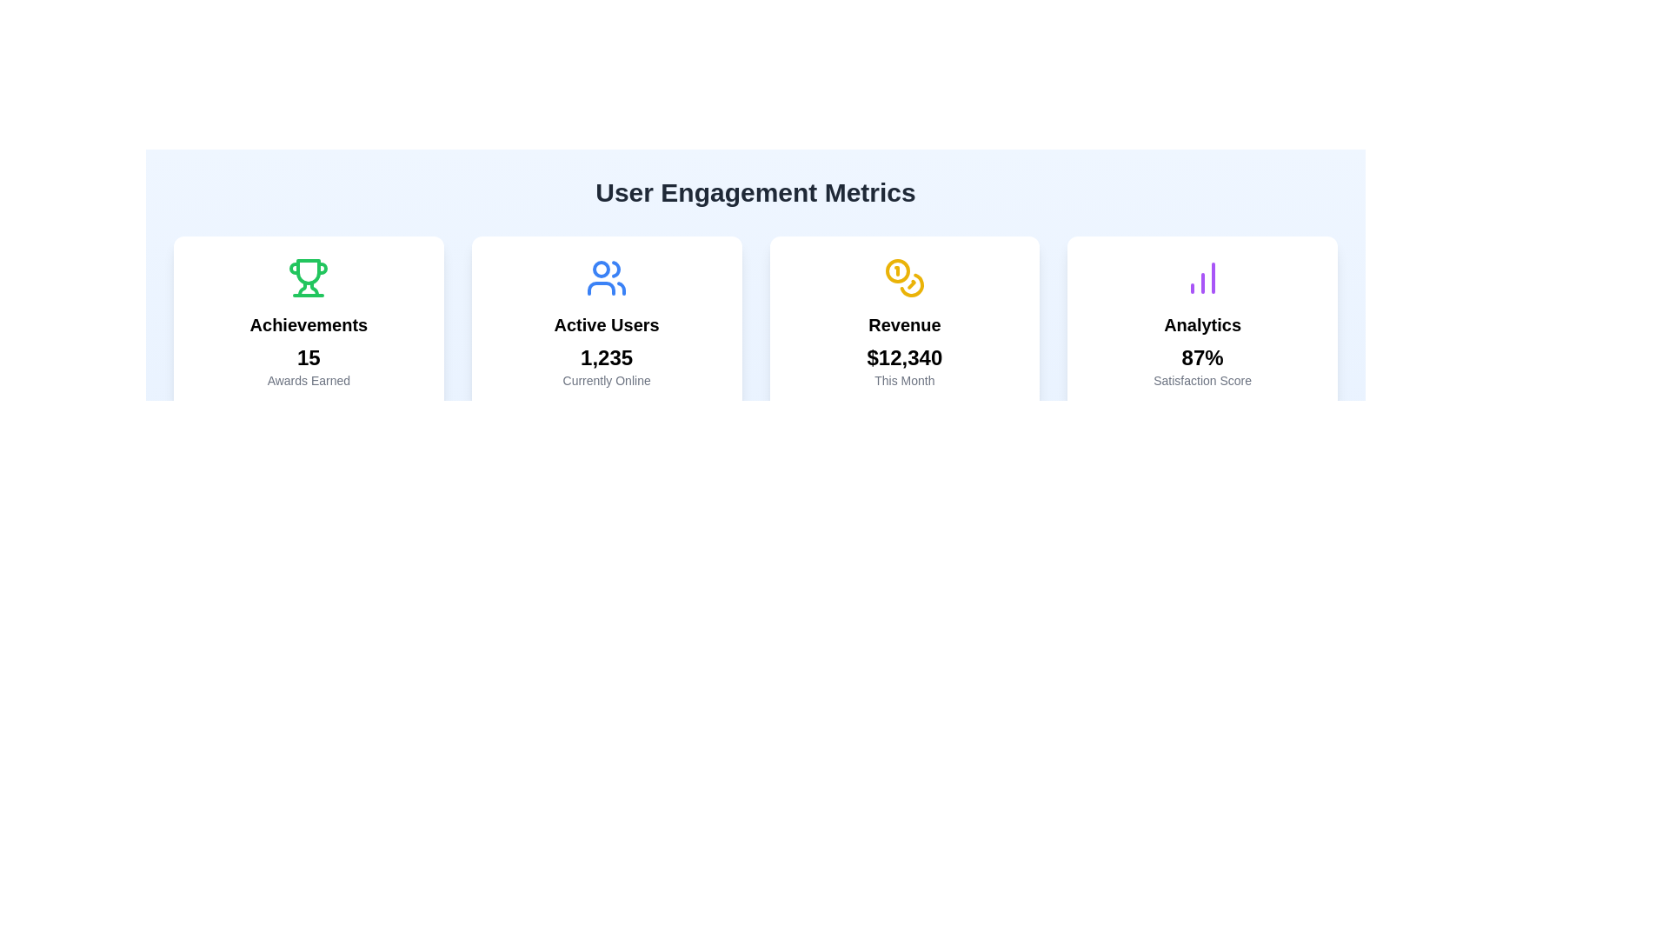  What do you see at coordinates (602, 287) in the screenshot?
I see `the bottom segment of the SVG graphic that is part of the user icon representing 'Active Users' in the second card of the dashboard grid` at bounding box center [602, 287].